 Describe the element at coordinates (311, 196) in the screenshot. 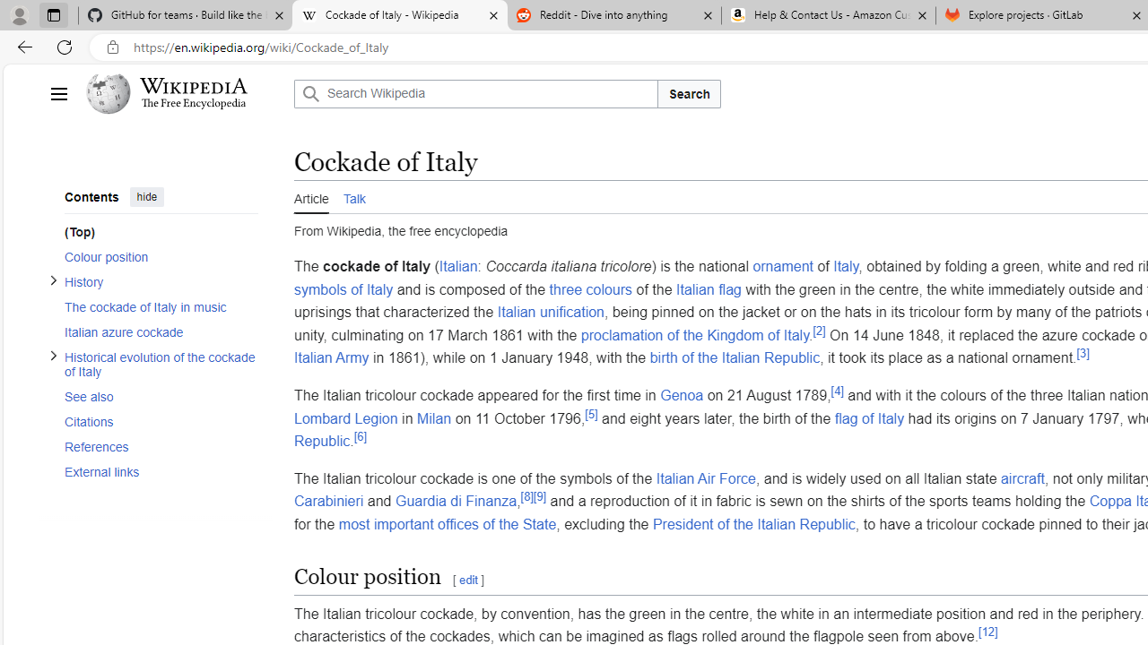

I see `'Article'` at that location.